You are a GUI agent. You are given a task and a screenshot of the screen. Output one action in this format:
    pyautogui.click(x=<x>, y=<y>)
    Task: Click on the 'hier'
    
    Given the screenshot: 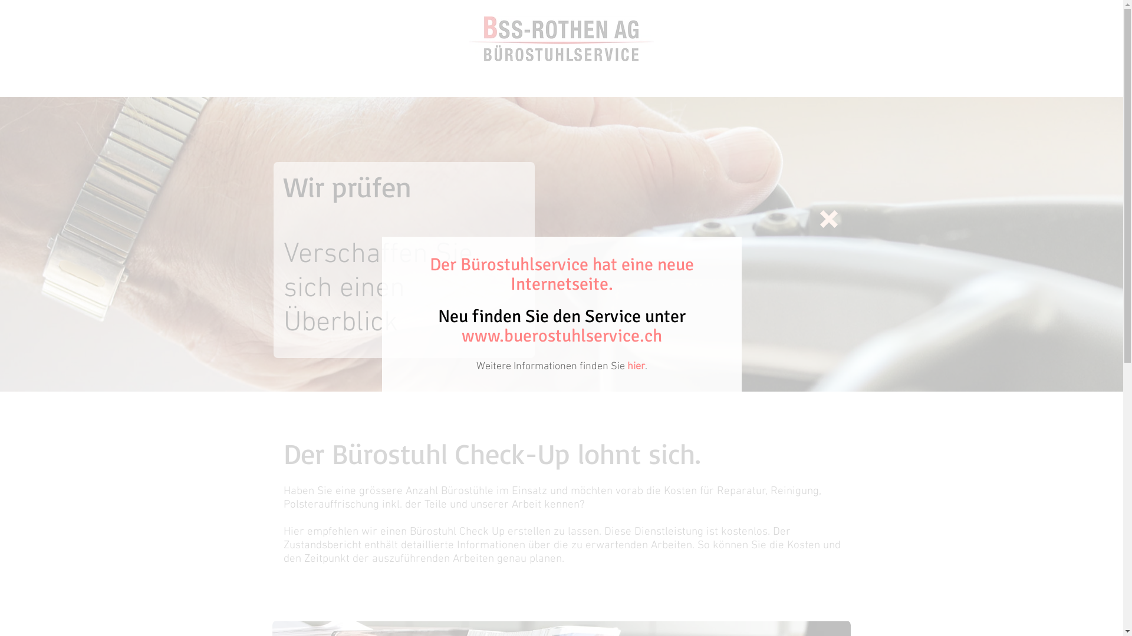 What is the action you would take?
    pyautogui.click(x=636, y=366)
    